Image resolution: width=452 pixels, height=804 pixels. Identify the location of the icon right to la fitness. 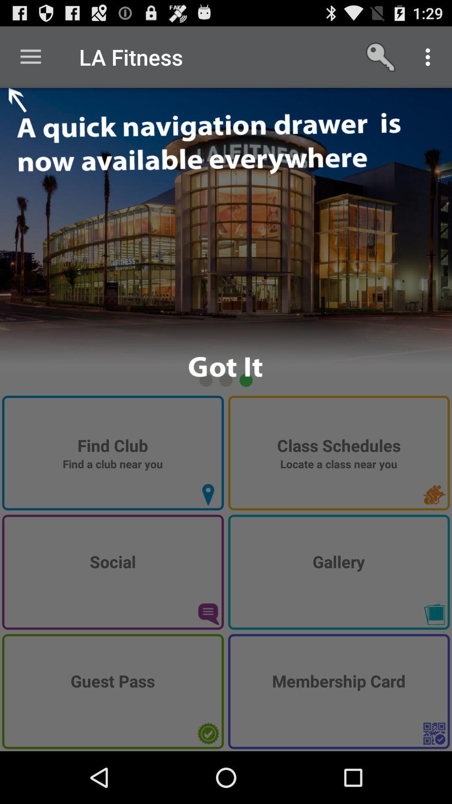
(381, 57).